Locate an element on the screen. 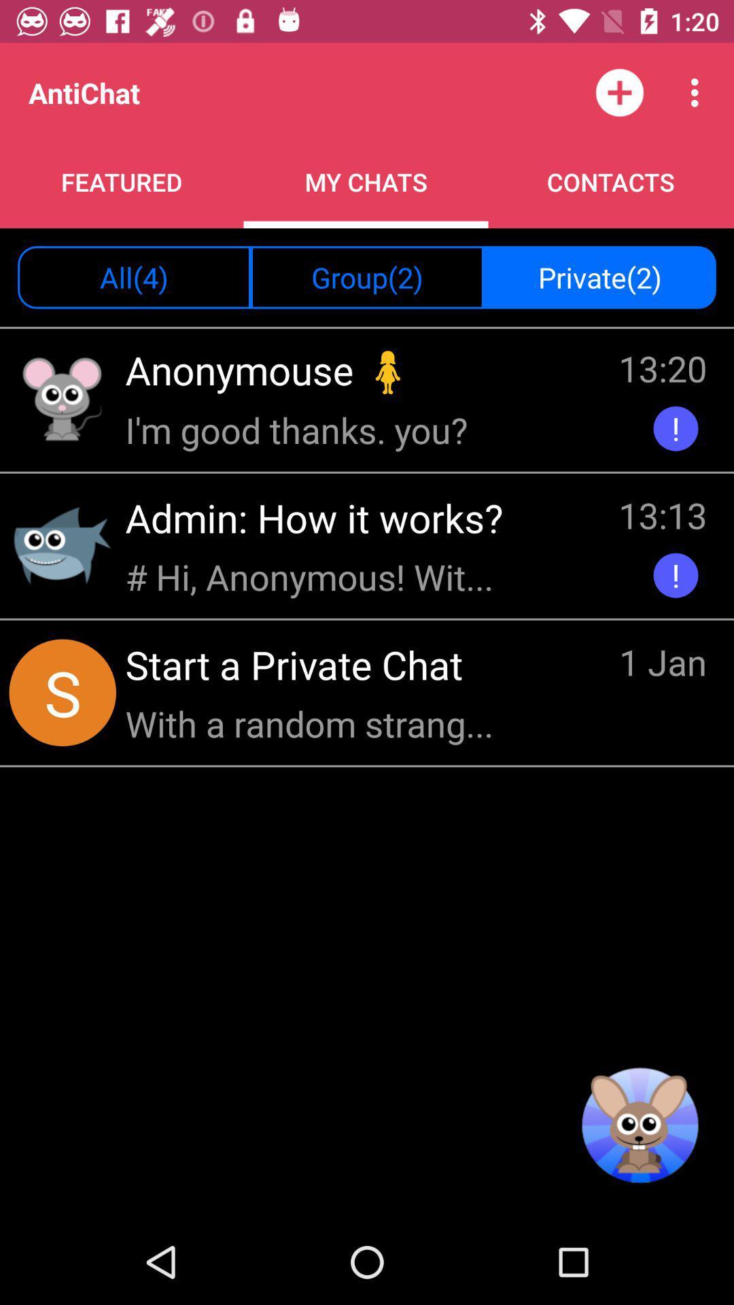 This screenshot has height=1305, width=734. the item to the left of the 13:13 is located at coordinates (313, 576).